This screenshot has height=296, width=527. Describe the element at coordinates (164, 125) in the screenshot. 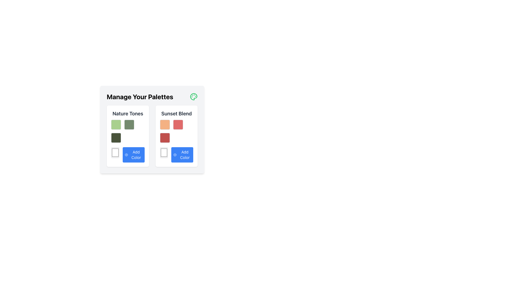

I see `the soft orange Color Swatch with rounded corners from the 'Sunset Blend' section` at that location.